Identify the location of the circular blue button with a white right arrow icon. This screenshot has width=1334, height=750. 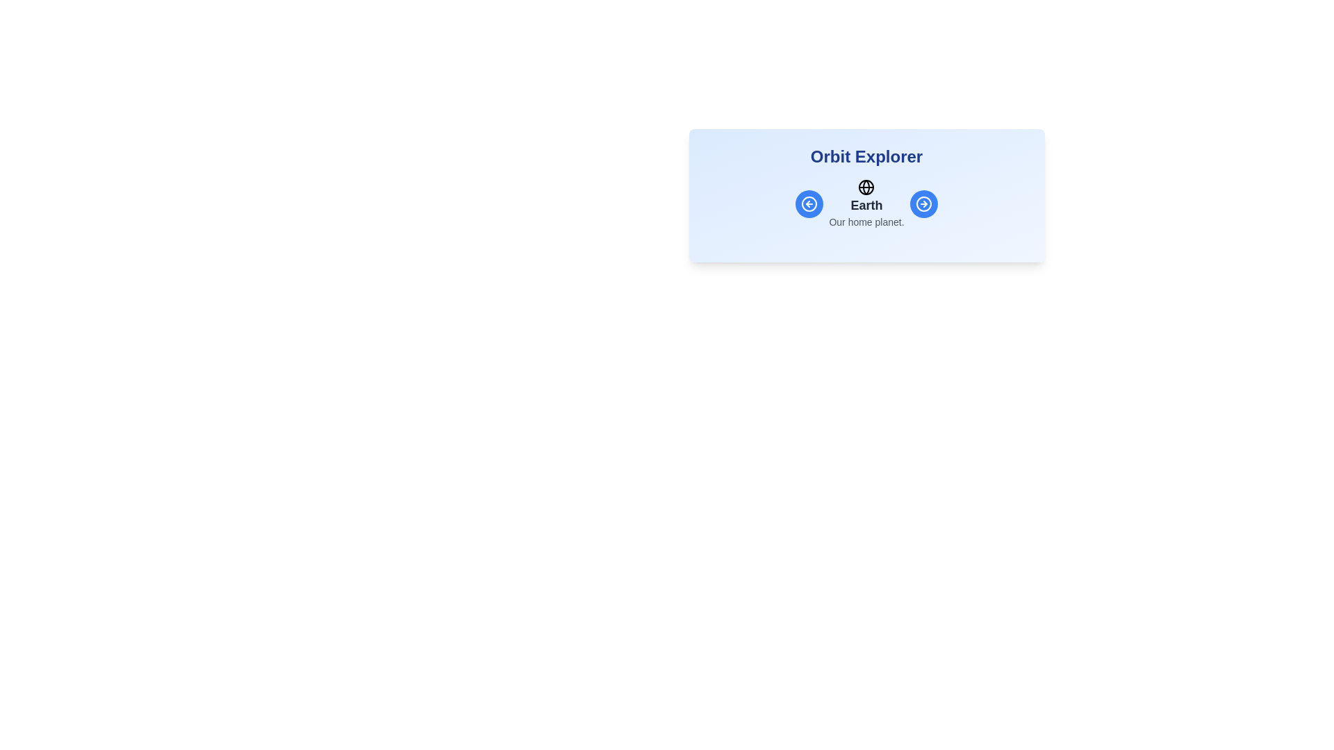
(923, 203).